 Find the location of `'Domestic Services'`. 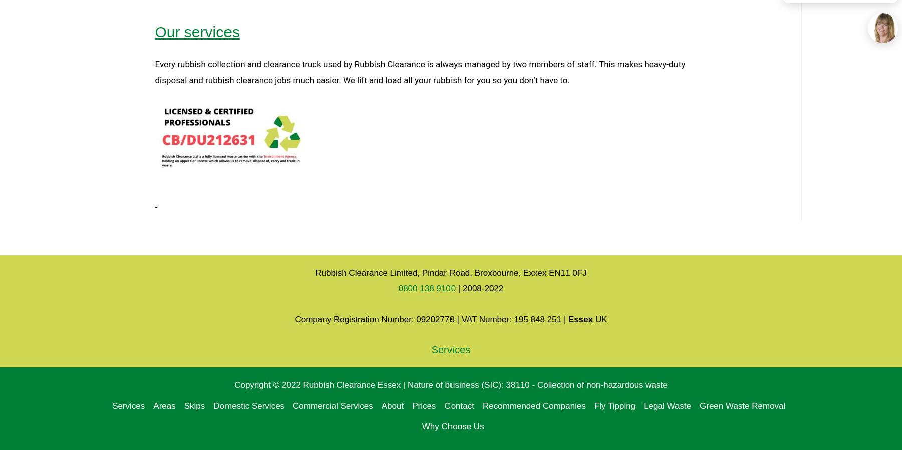

'Domestic Services' is located at coordinates (248, 405).